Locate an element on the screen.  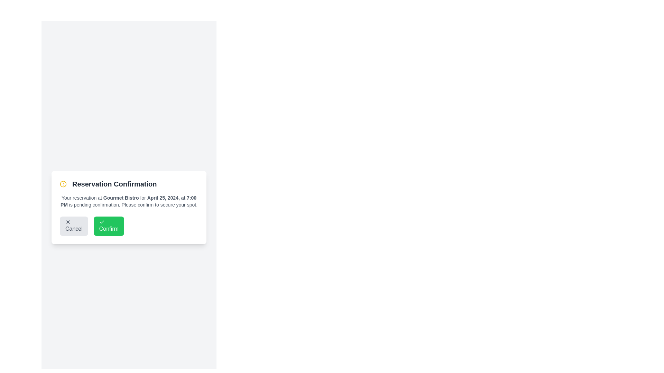
the rightmost button in the modal footer to confirm the action is located at coordinates (108, 226).